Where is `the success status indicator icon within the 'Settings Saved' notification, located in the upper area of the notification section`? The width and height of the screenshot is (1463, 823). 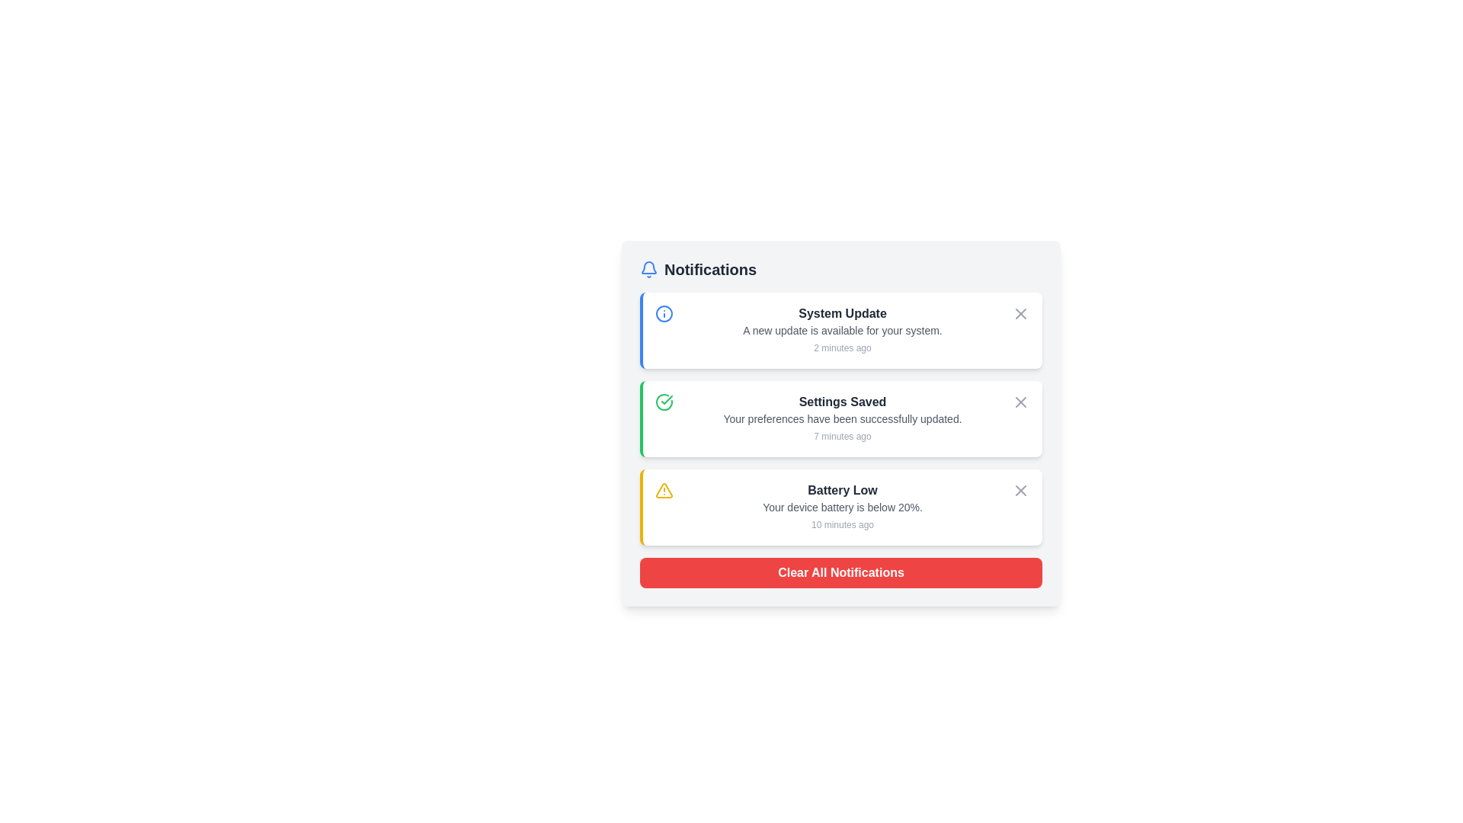
the success status indicator icon within the 'Settings Saved' notification, located in the upper area of the notification section is located at coordinates (667, 399).